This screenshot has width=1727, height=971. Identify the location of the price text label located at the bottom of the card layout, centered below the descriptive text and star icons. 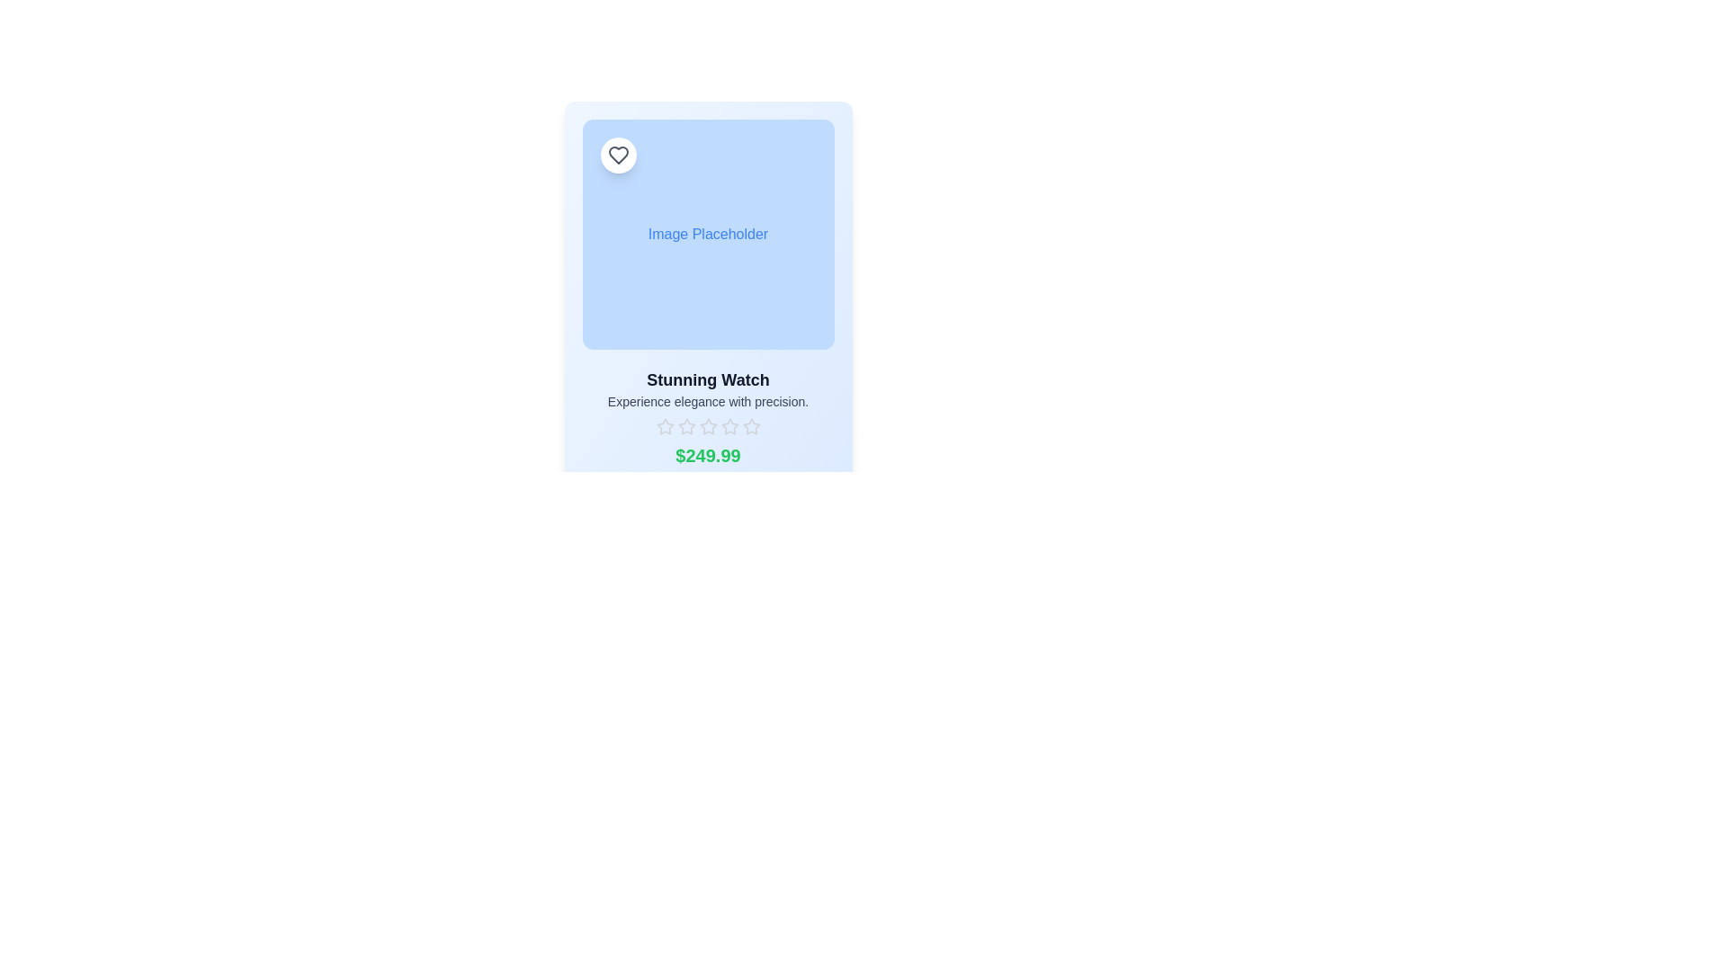
(707, 454).